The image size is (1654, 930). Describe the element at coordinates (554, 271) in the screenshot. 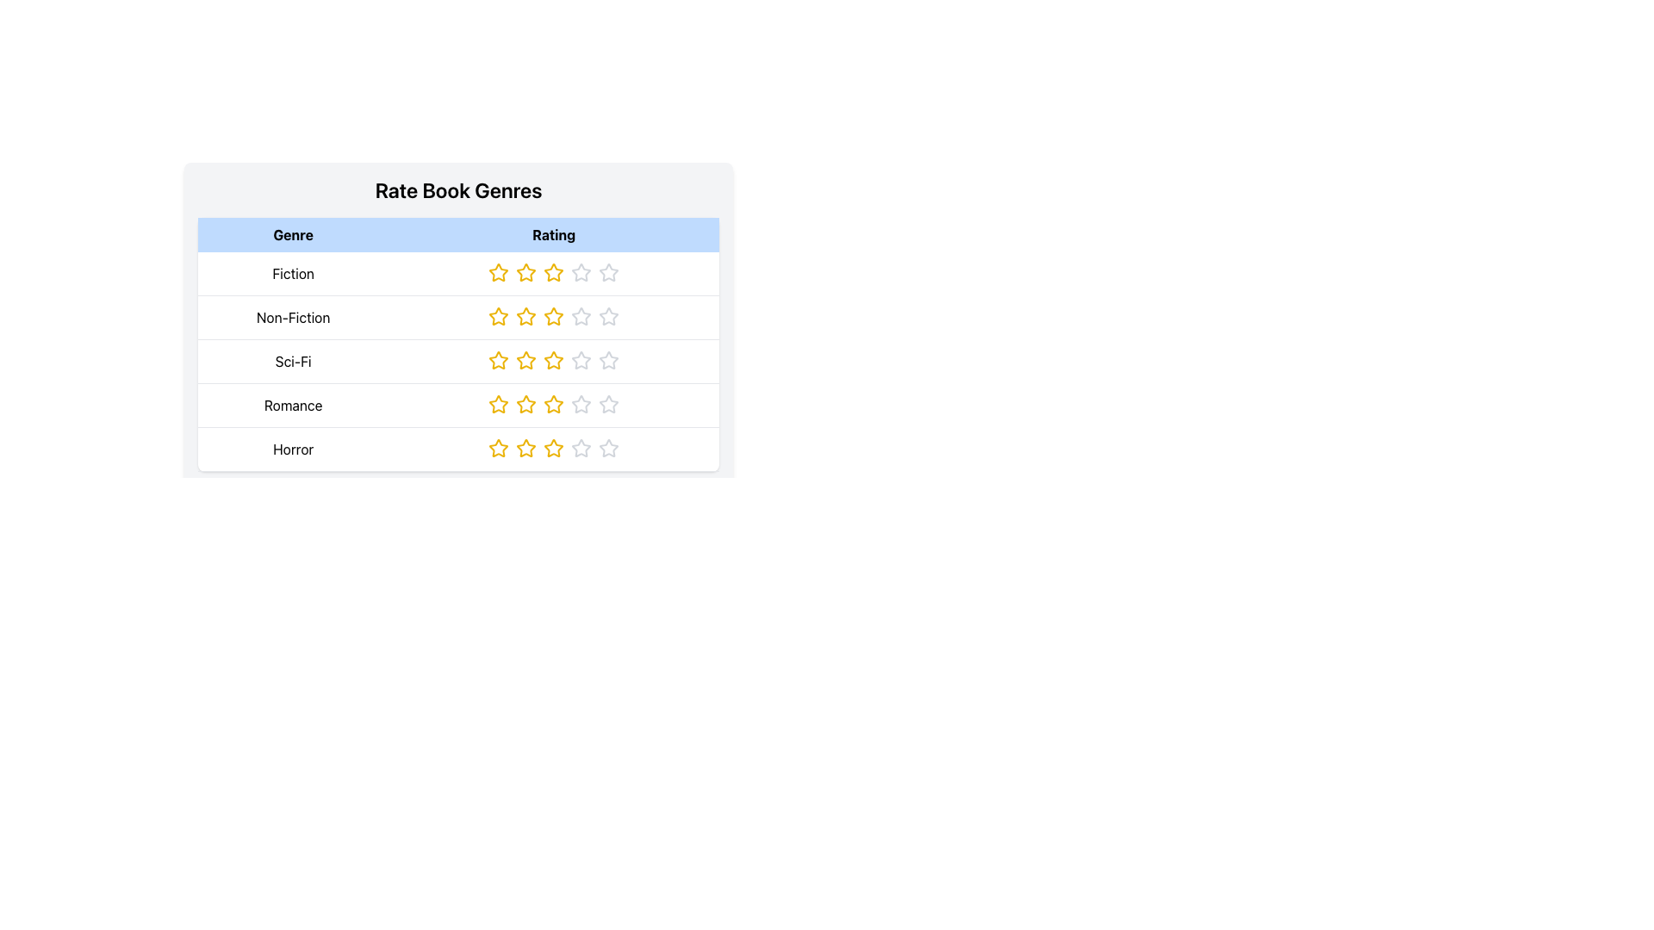

I see `the third star icon in the rating row for the 'Fiction' genre` at that location.